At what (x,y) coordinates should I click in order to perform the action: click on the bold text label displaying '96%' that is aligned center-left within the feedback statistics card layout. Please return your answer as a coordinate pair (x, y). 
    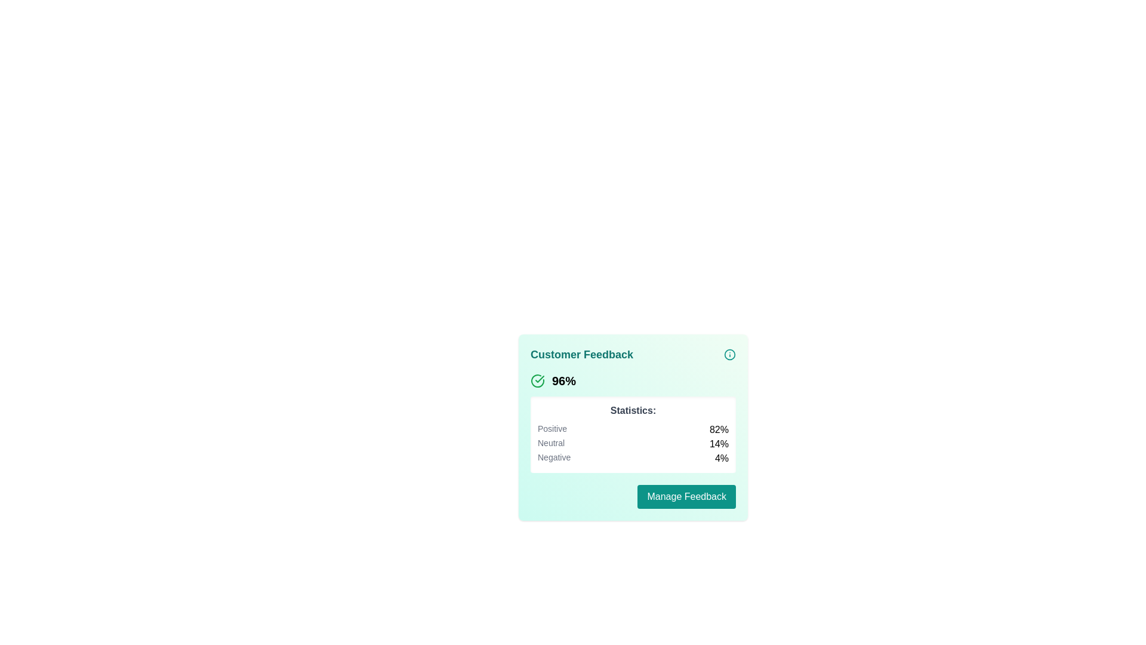
    Looking at the image, I should click on (563, 380).